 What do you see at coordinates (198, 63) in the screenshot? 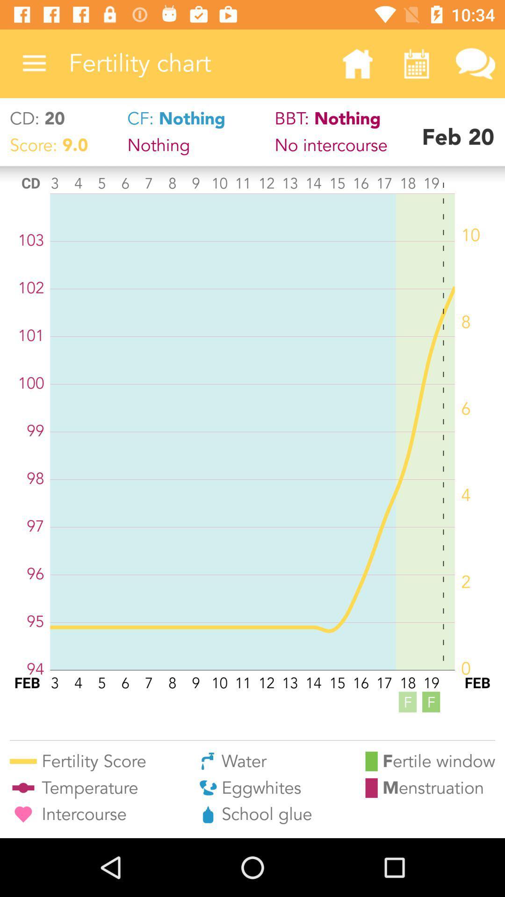
I see `the fertility chart icon` at bounding box center [198, 63].